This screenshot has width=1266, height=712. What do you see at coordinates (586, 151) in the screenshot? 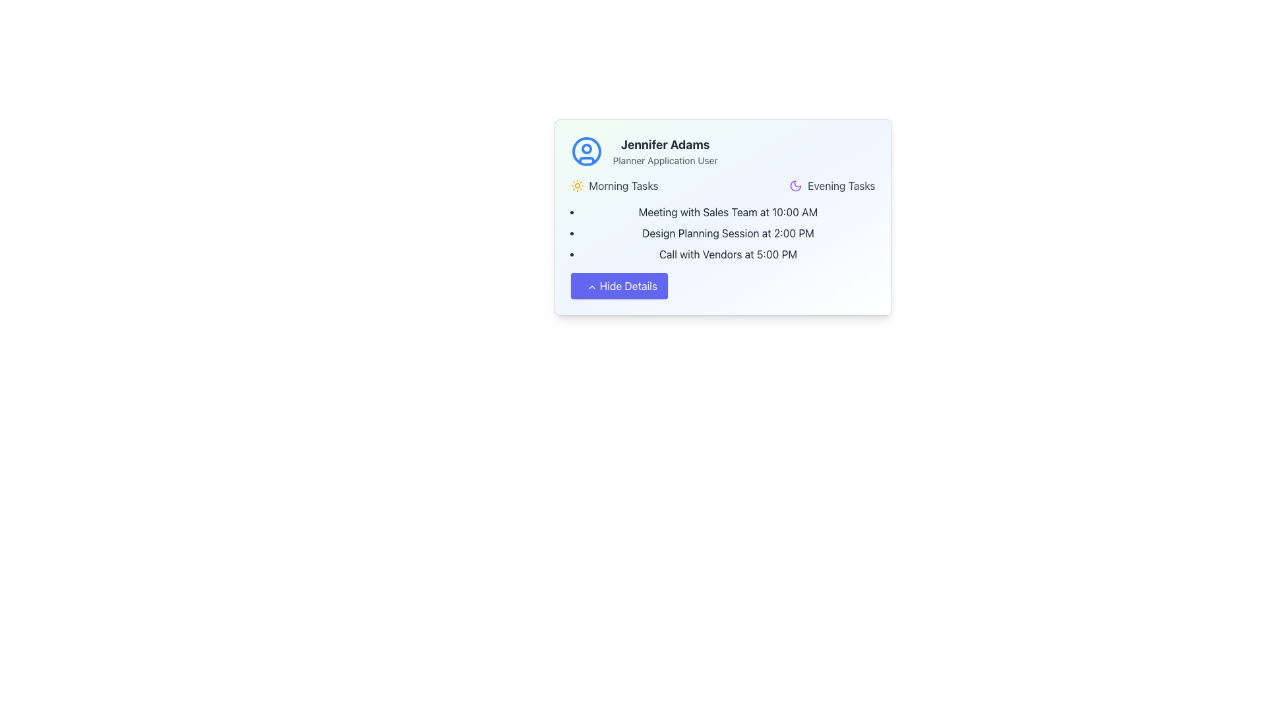
I see `the outer circular structure of the SVG user avatar icon located to the left of the heading text 'Jennifer Adams'` at bounding box center [586, 151].